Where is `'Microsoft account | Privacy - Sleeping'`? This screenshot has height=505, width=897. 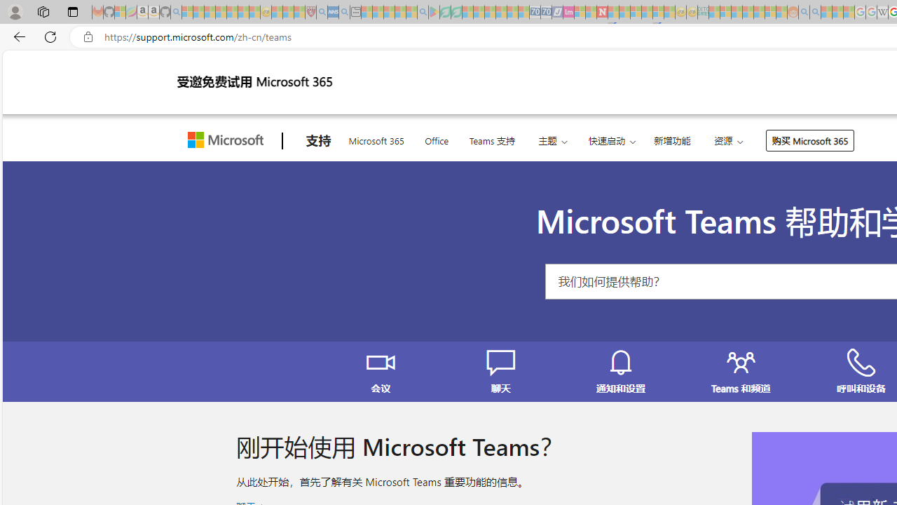 'Microsoft account | Privacy - Sleeping' is located at coordinates (725, 12).